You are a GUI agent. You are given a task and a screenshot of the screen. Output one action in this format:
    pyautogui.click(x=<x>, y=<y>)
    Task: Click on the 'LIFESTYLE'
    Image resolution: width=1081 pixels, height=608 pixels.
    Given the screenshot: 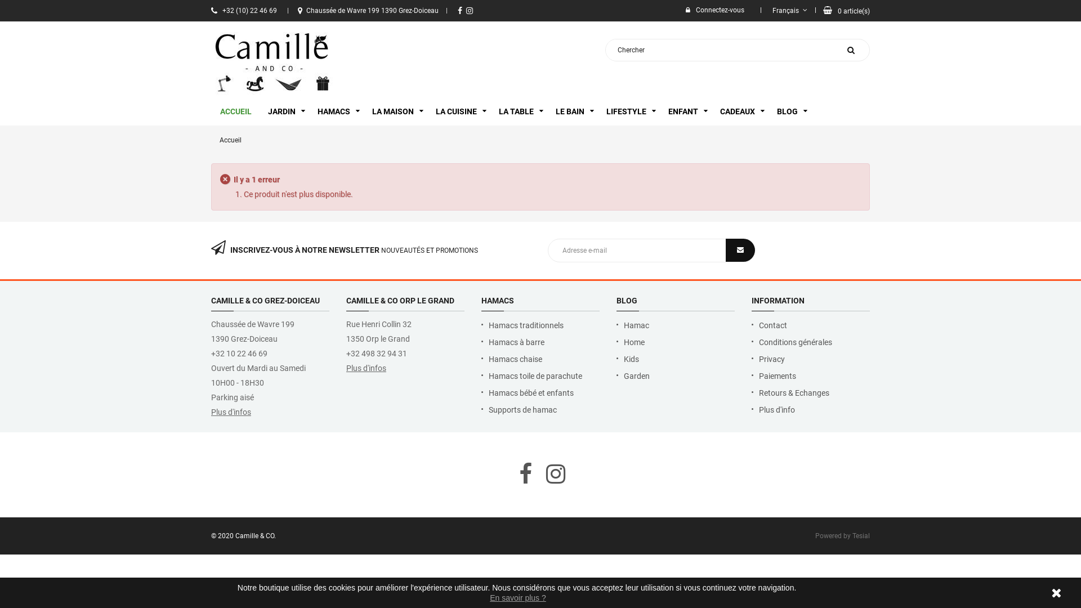 What is the action you would take?
    pyautogui.click(x=599, y=111)
    